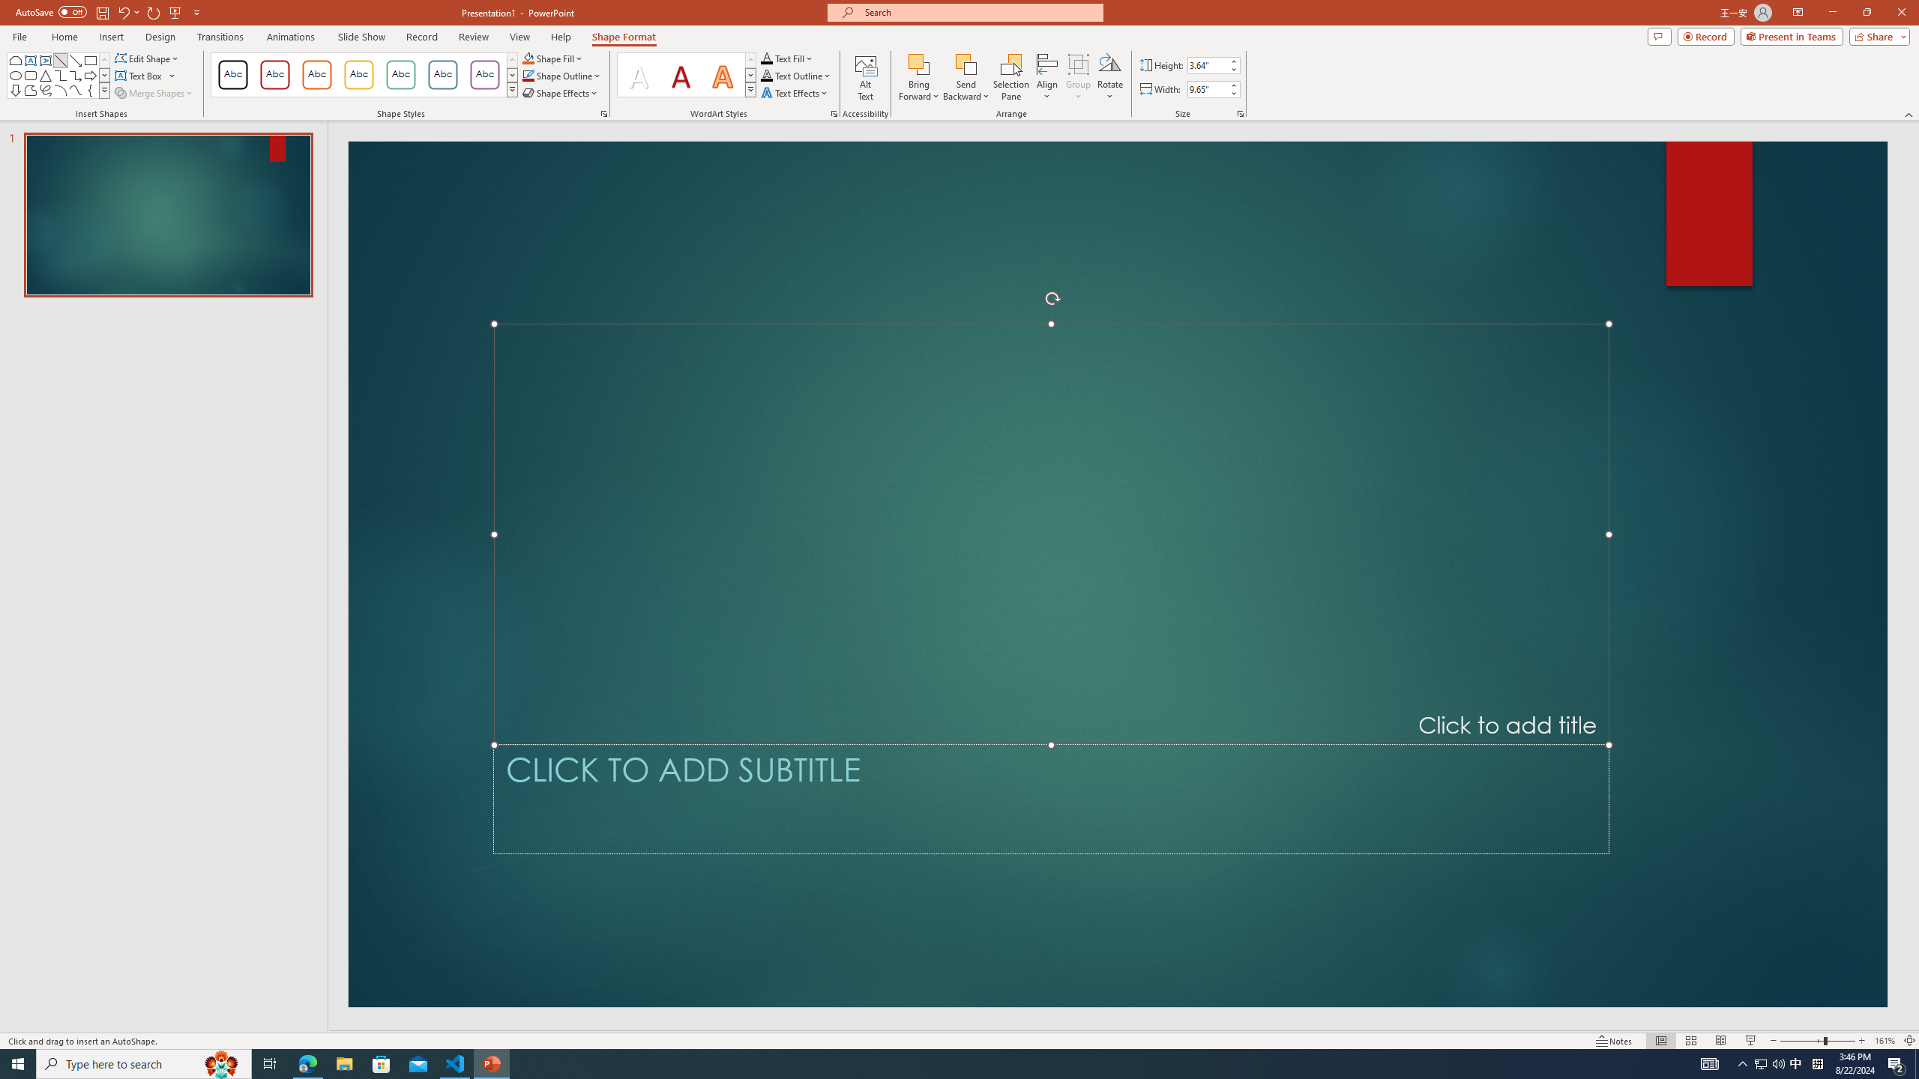  Describe the element at coordinates (1885, 1041) in the screenshot. I see `'Zoom 161%'` at that location.